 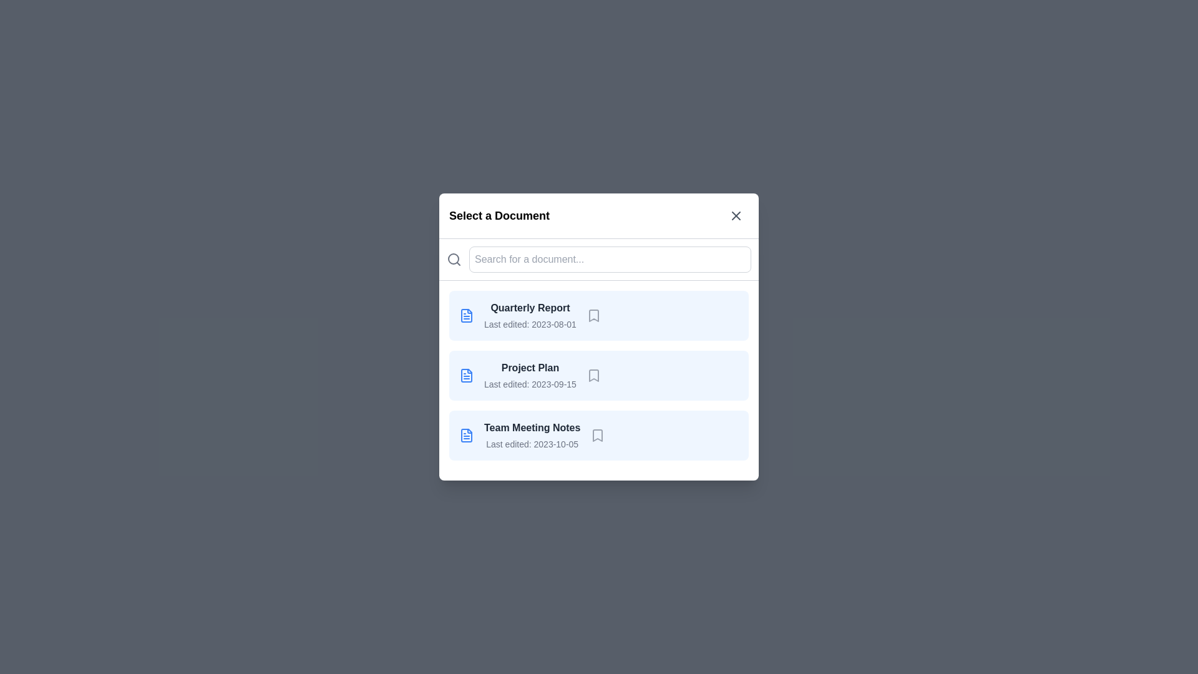 What do you see at coordinates (597, 435) in the screenshot?
I see `the bookmark icon for the document titled 'Team Meeting Notes'` at bounding box center [597, 435].